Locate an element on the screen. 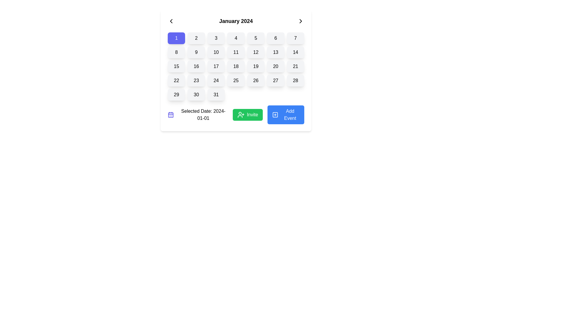  the Calendar Day Cell representing the 17th day is located at coordinates (216, 66).